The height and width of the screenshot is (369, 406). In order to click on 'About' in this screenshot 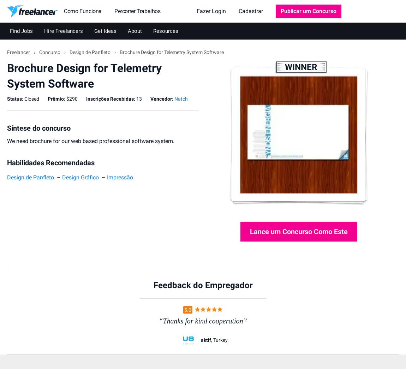, I will do `click(135, 31)`.